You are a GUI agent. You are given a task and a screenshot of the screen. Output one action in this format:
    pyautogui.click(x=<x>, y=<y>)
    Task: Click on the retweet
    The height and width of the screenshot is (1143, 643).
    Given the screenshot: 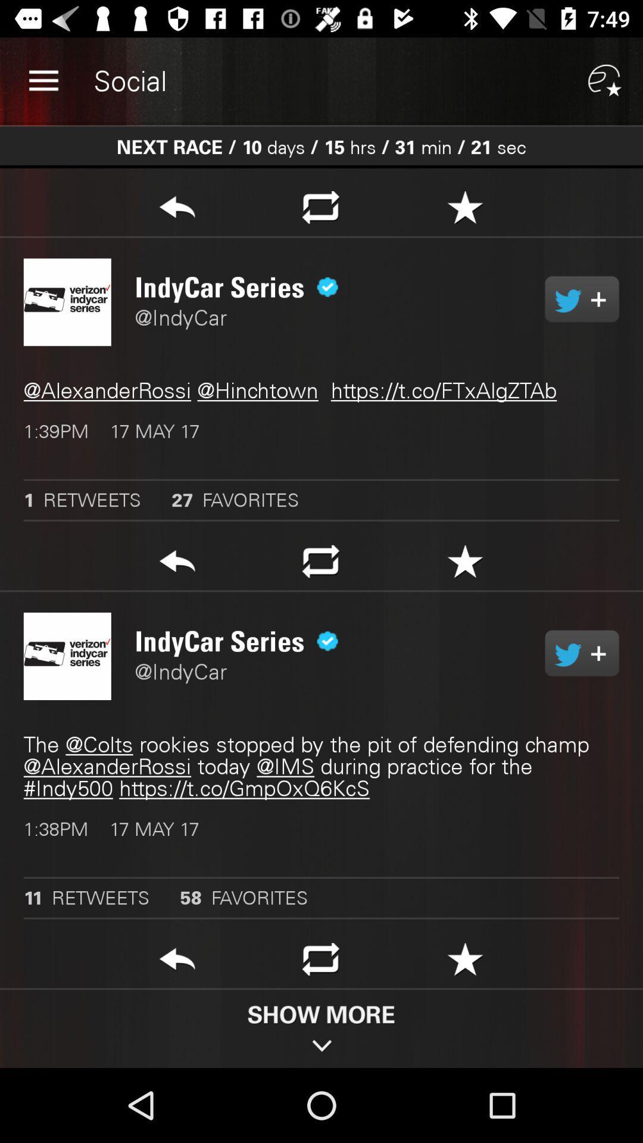 What is the action you would take?
    pyautogui.click(x=320, y=963)
    